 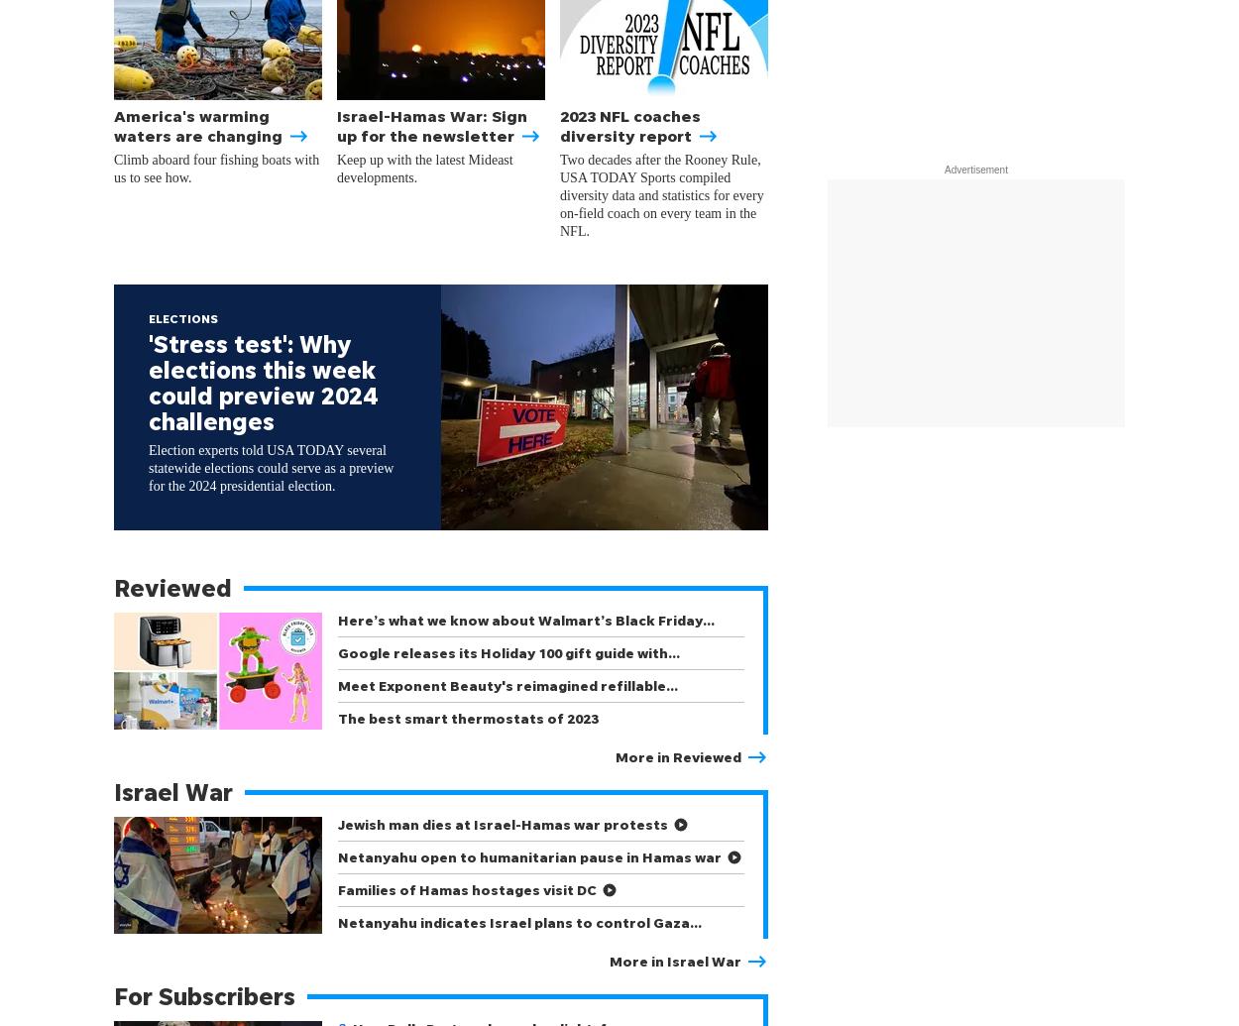 What do you see at coordinates (438, 125) in the screenshot?
I see `'Israel-Hamas War: Sign up for the newsletter'` at bounding box center [438, 125].